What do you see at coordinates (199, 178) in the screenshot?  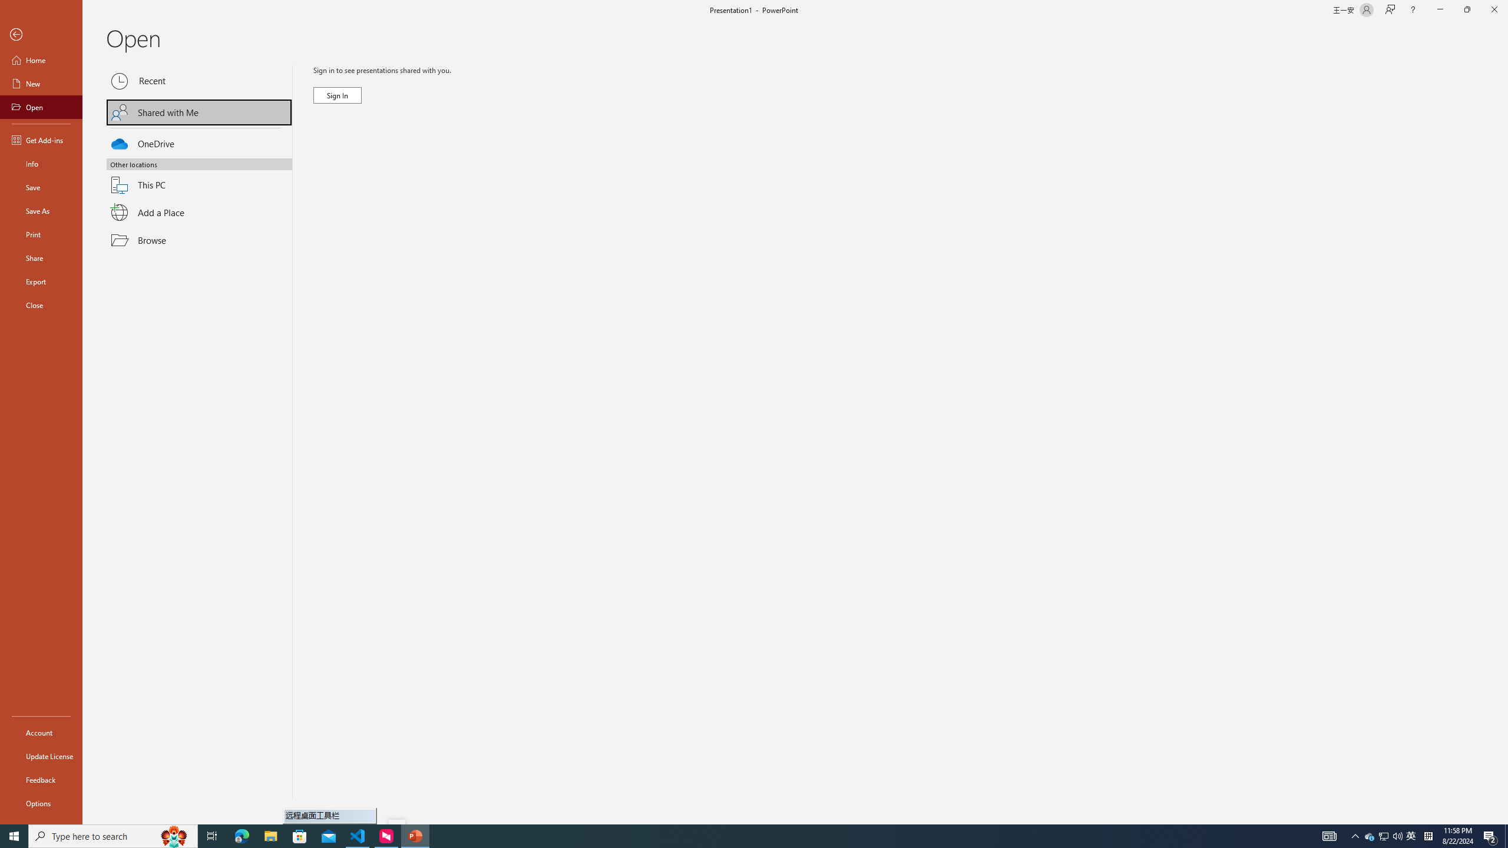 I see `'This PC'` at bounding box center [199, 178].